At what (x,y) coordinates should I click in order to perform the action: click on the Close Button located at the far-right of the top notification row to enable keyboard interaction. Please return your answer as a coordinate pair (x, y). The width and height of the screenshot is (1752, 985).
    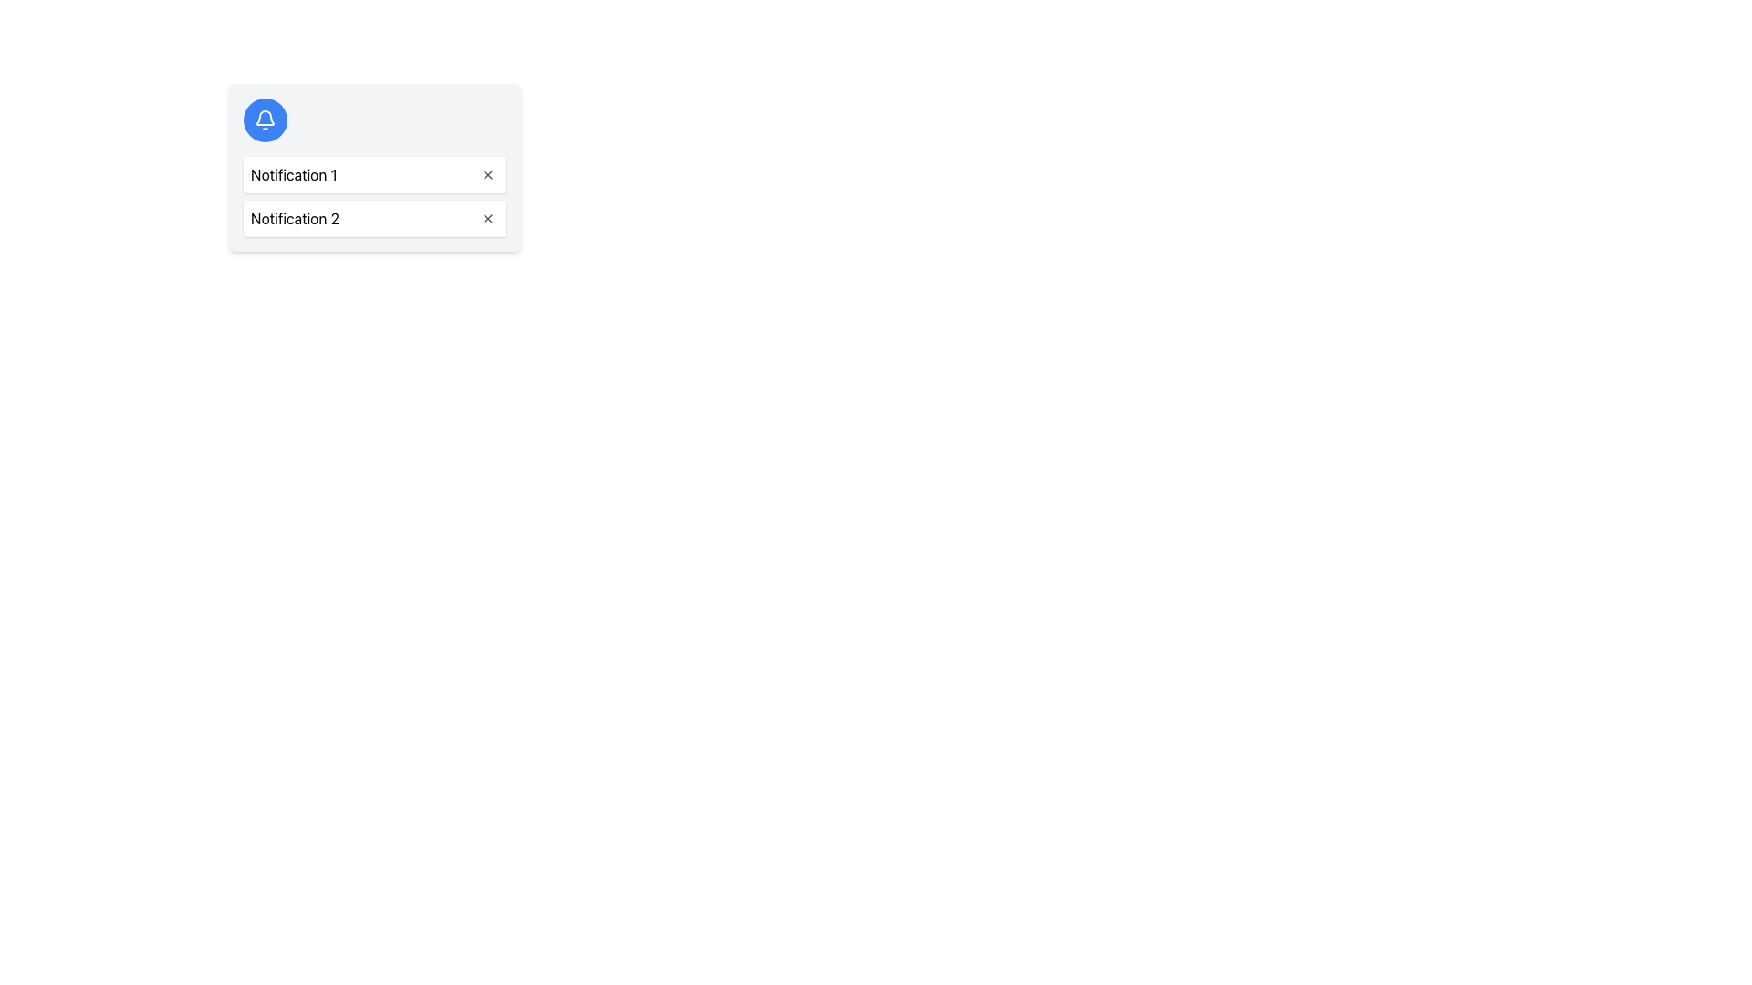
    Looking at the image, I should click on (487, 175).